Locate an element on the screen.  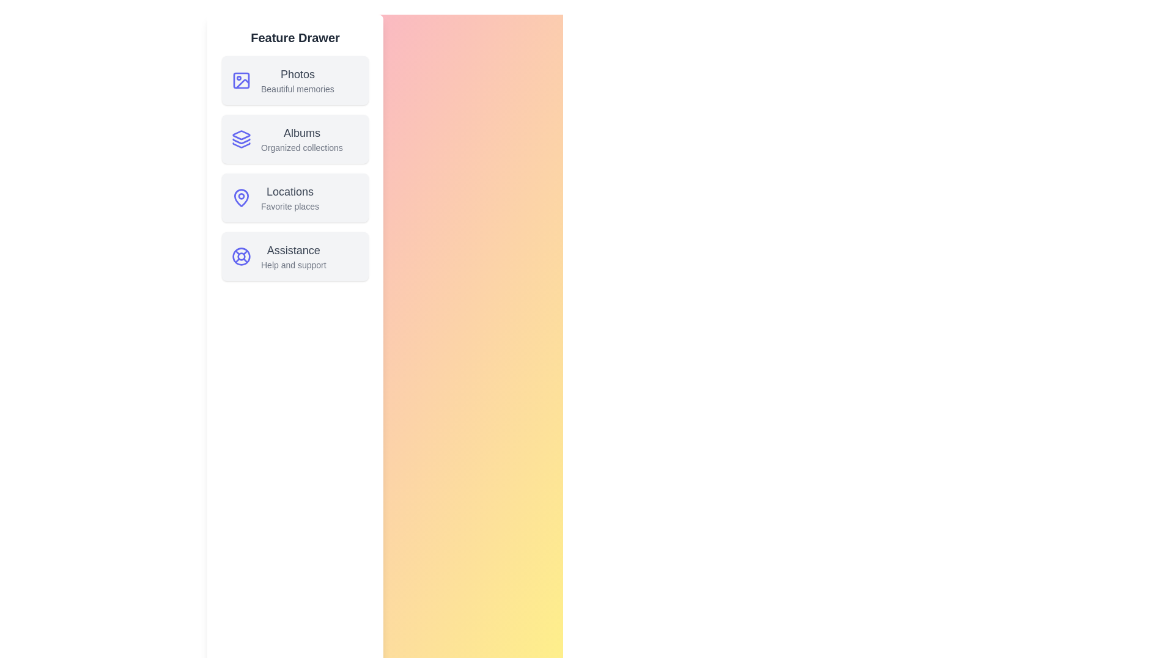
the feature item Albums to reveal its effect is located at coordinates (295, 138).